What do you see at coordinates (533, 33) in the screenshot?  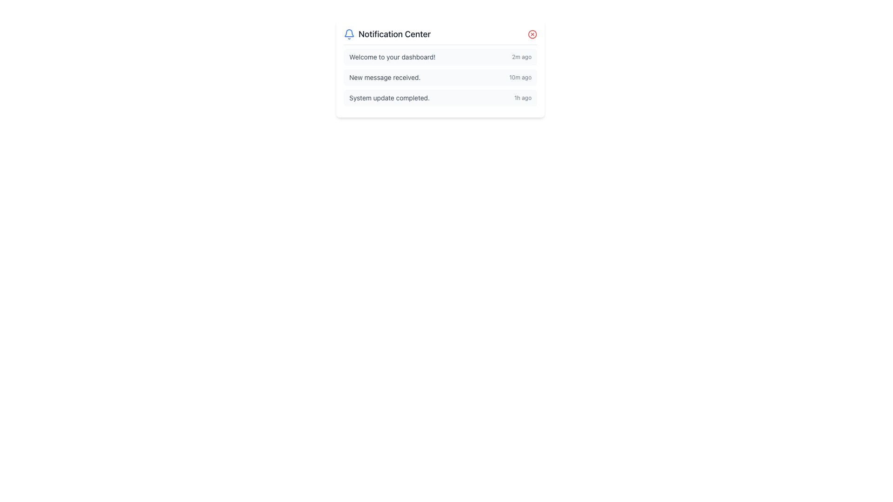 I see `the graphical circle element that visually supports the close button in the top-right corner of the Notification Center panel` at bounding box center [533, 33].